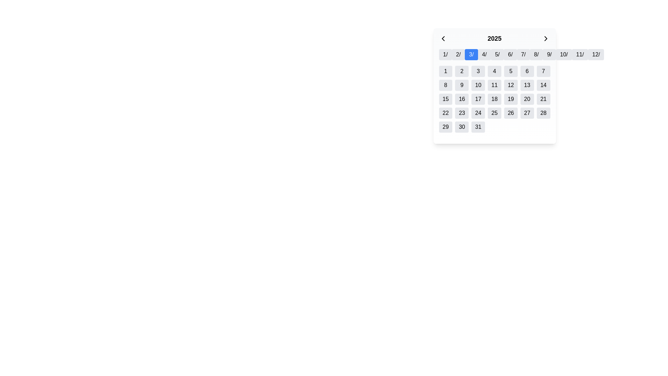 Image resolution: width=668 pixels, height=376 pixels. Describe the element at coordinates (543, 85) in the screenshot. I see `the small rectangular button with a light gray background and bold black text '14'` at that location.